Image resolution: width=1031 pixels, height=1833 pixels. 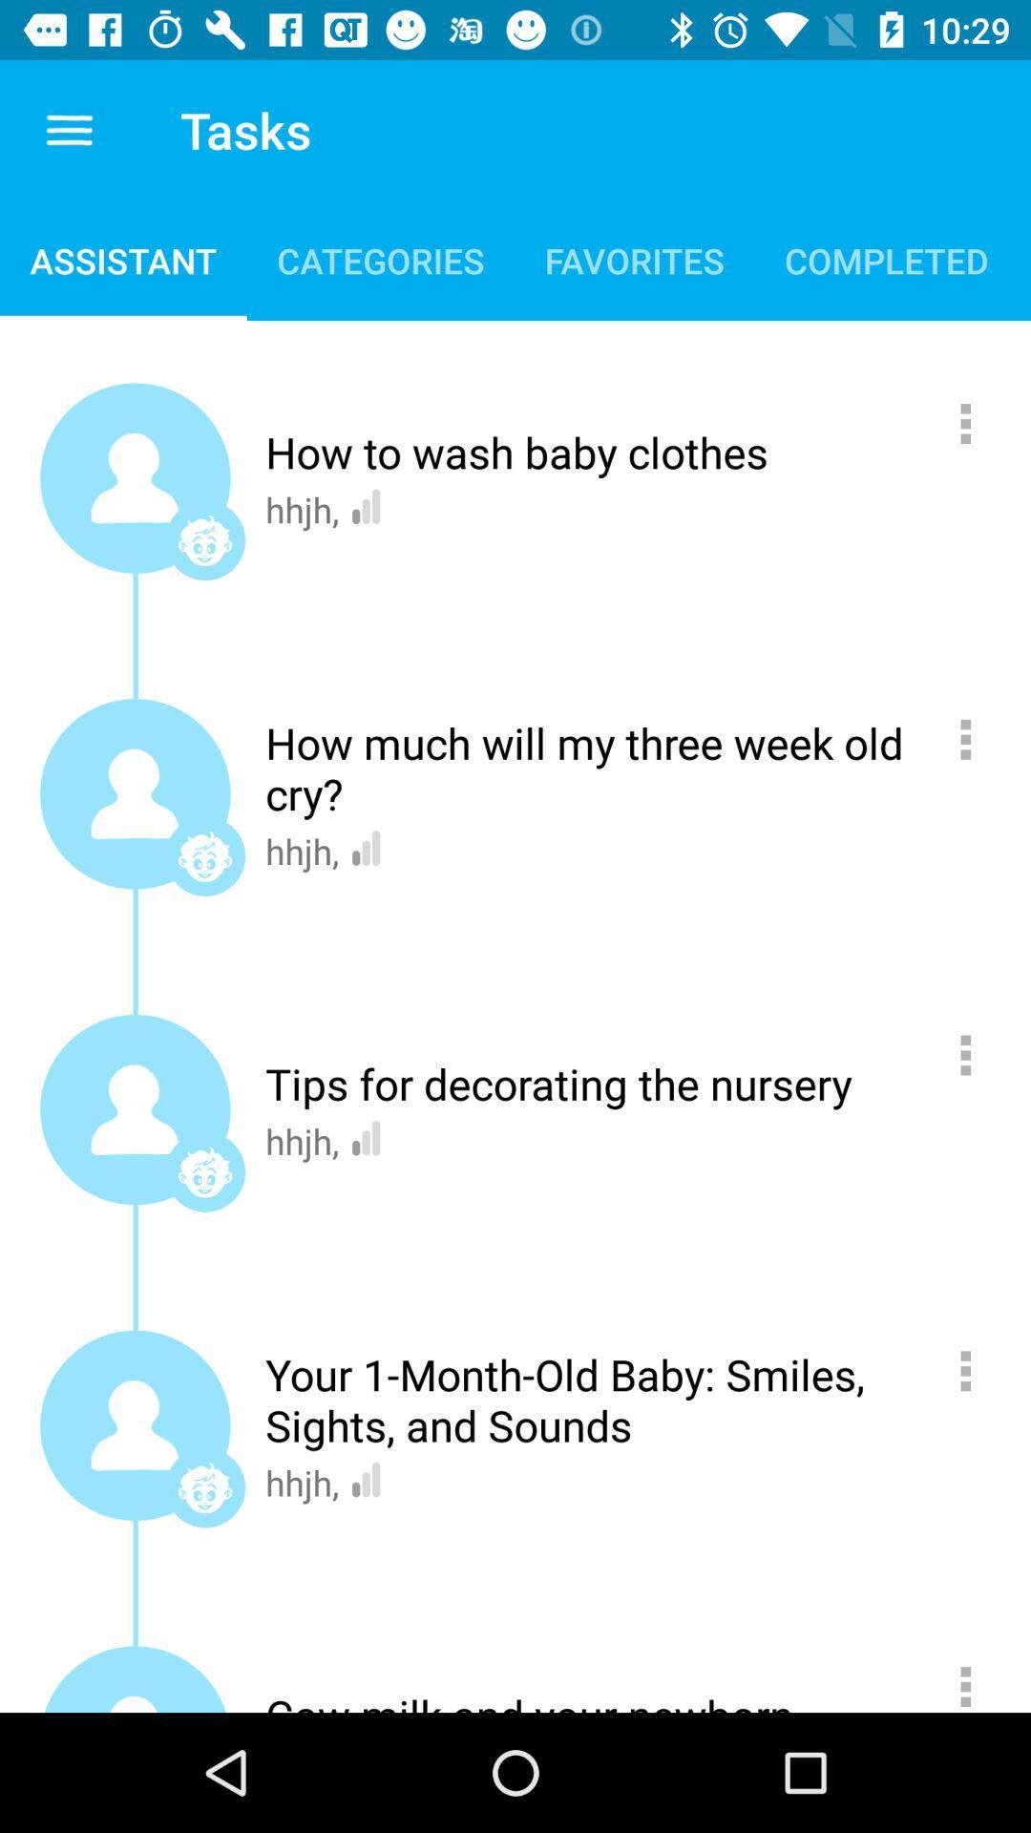 What do you see at coordinates (976, 738) in the screenshot?
I see `more options` at bounding box center [976, 738].